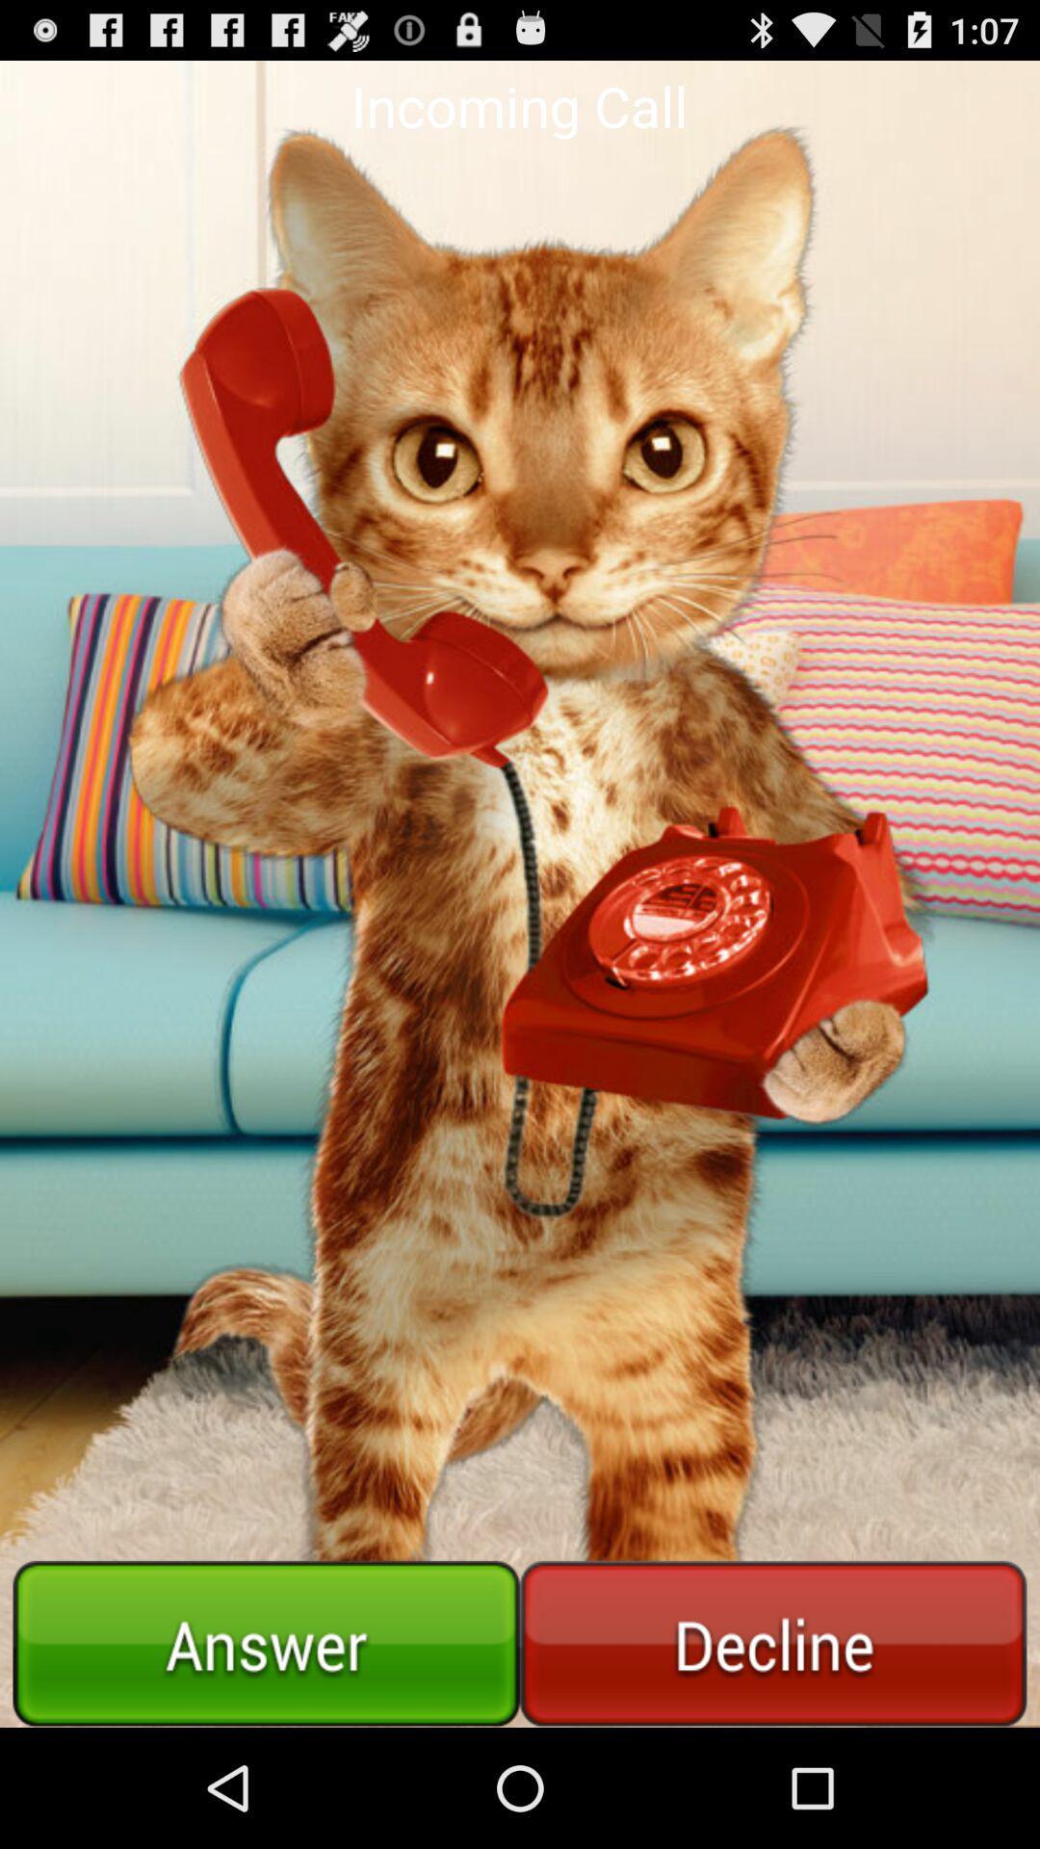 Image resolution: width=1040 pixels, height=1849 pixels. What do you see at coordinates (772, 1643) in the screenshot?
I see `reject the call` at bounding box center [772, 1643].